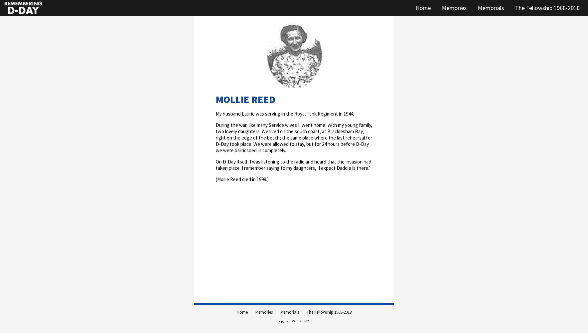  Describe the element at coordinates (215, 113) in the screenshot. I see `'My husband Laurie was serving in the Royal Tank Regiment in 1944.'` at that location.